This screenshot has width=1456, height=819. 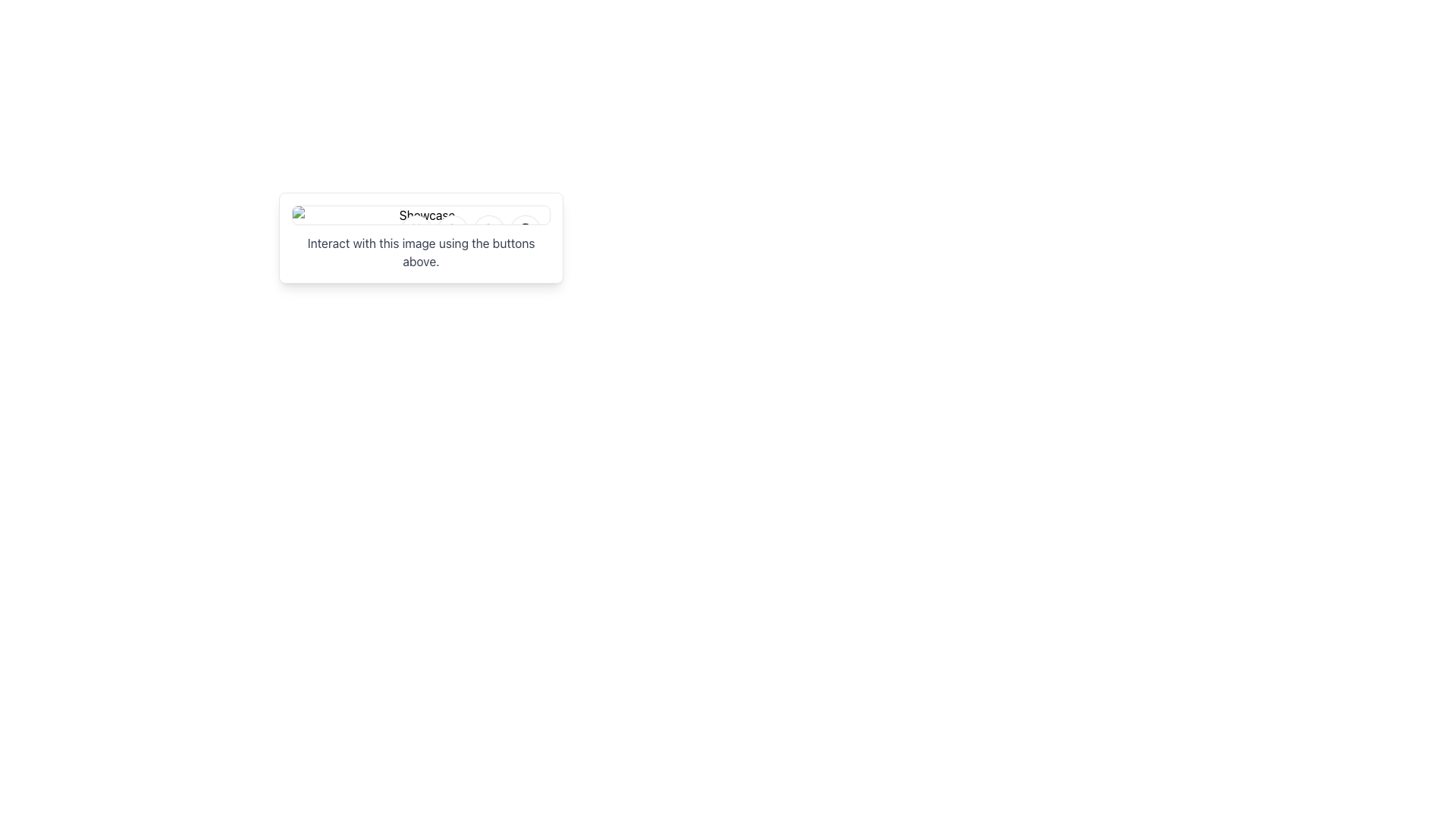 I want to click on the button group located in the upper-right corner of the enclosing box, so click(x=469, y=231).